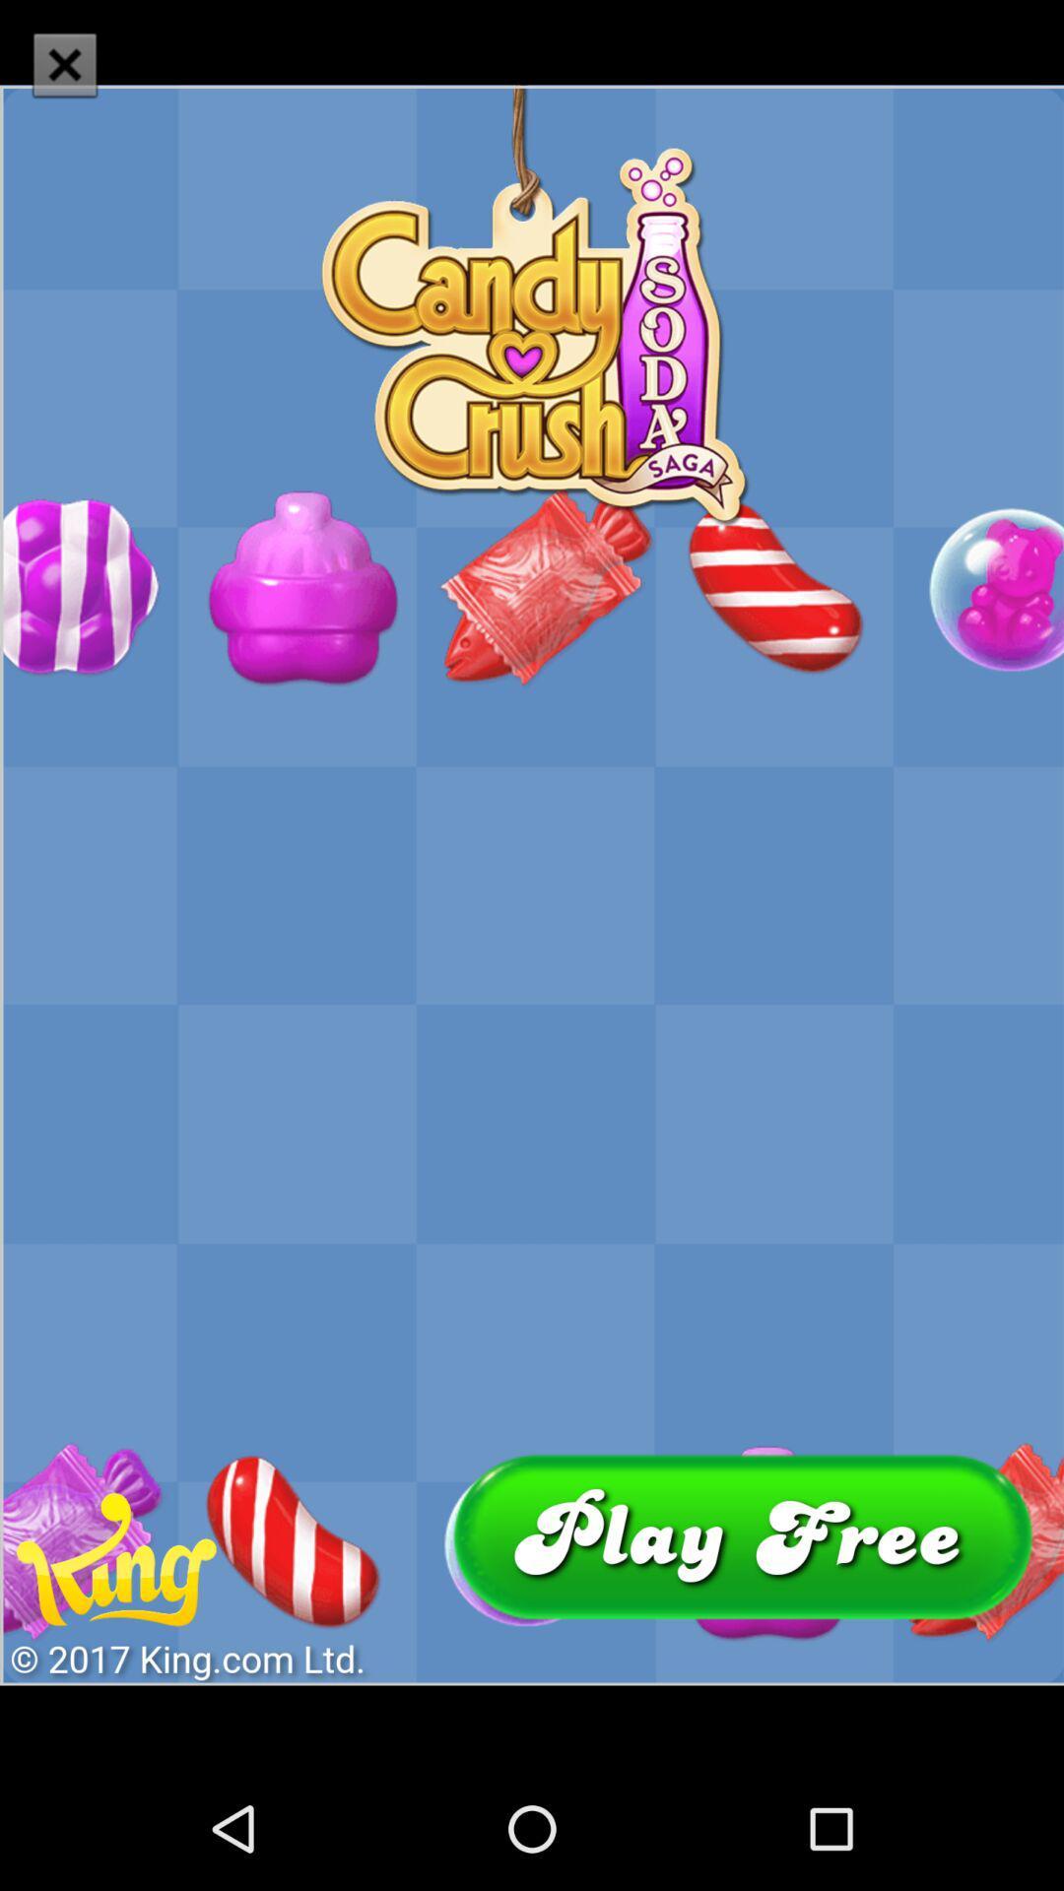 The width and height of the screenshot is (1064, 1891). Describe the element at coordinates (76, 82) in the screenshot. I see `the close icon` at that location.